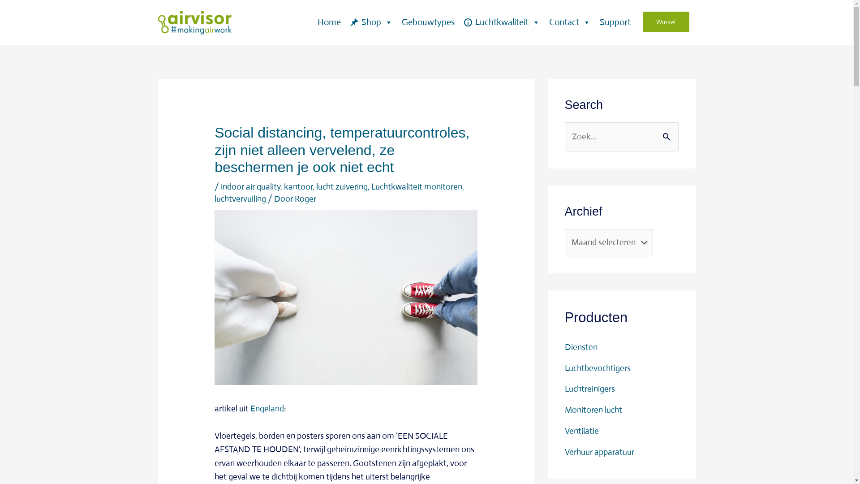 The width and height of the screenshot is (860, 484). Describe the element at coordinates (501, 22) in the screenshot. I see `'Luchtkwaliteit'` at that location.